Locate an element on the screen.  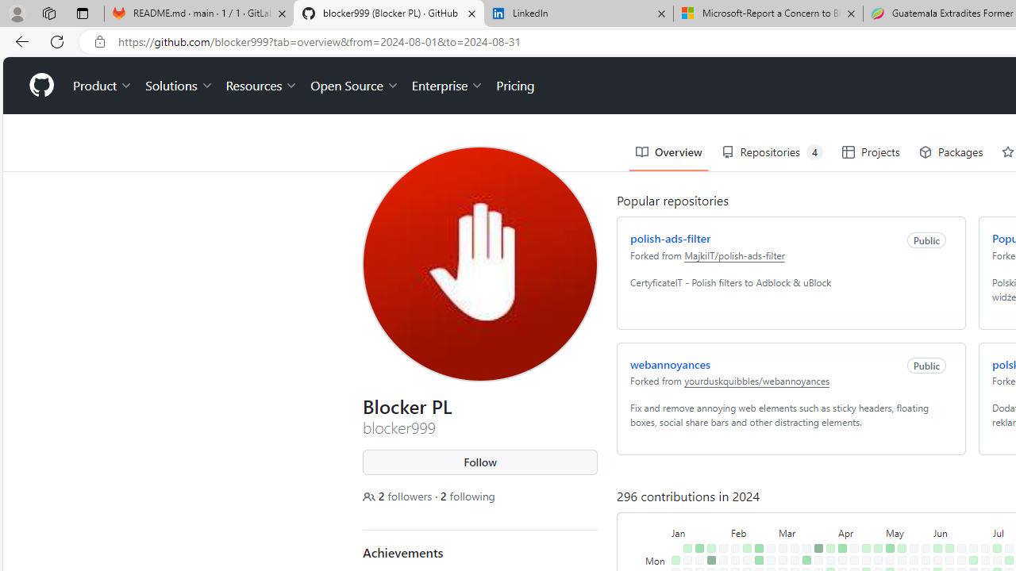
'No contributions on May 26th.' is located at coordinates (926, 547).